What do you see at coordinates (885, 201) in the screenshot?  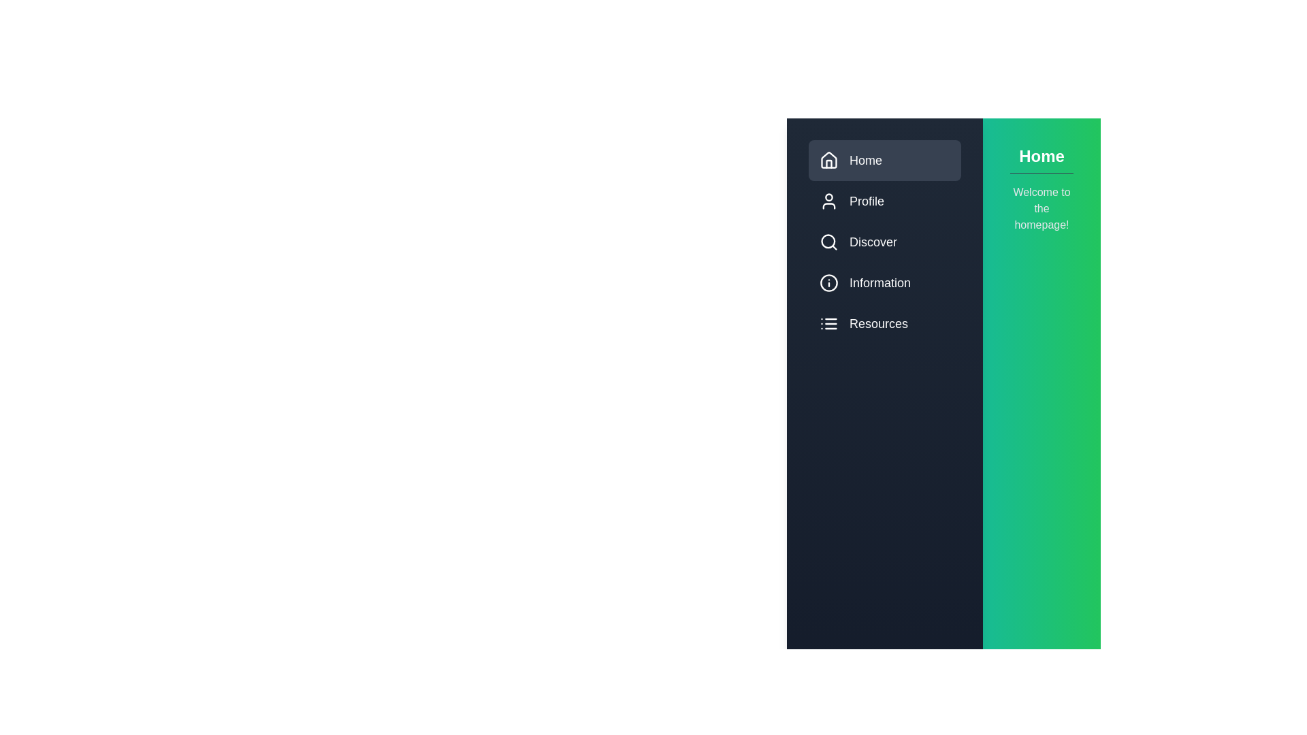 I see `the menu item Profile to preview its interaction` at bounding box center [885, 201].